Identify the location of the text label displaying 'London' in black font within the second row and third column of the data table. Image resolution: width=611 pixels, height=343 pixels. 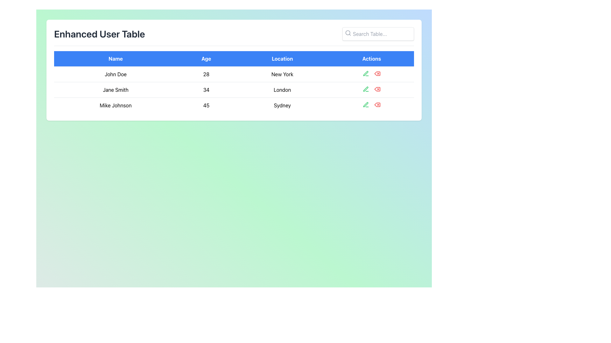
(282, 90).